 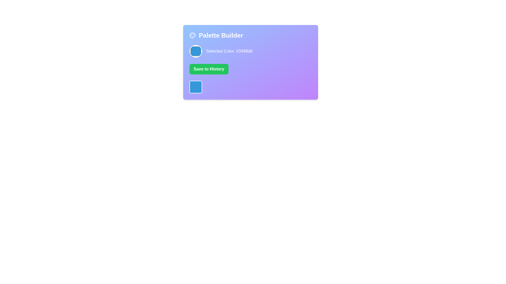 What do you see at coordinates (250, 87) in the screenshot?
I see `a cell in the grid layout located at the bottom of the main panel, below the 'Save to History' button in the 'Palette Builder' component` at bounding box center [250, 87].